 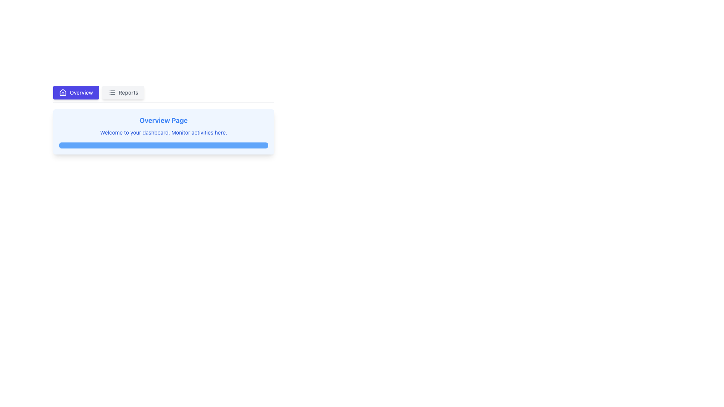 What do you see at coordinates (76, 92) in the screenshot?
I see `the 'Overview' tab, which is the first rectangular button in the top-left horizontal navigation bar` at bounding box center [76, 92].